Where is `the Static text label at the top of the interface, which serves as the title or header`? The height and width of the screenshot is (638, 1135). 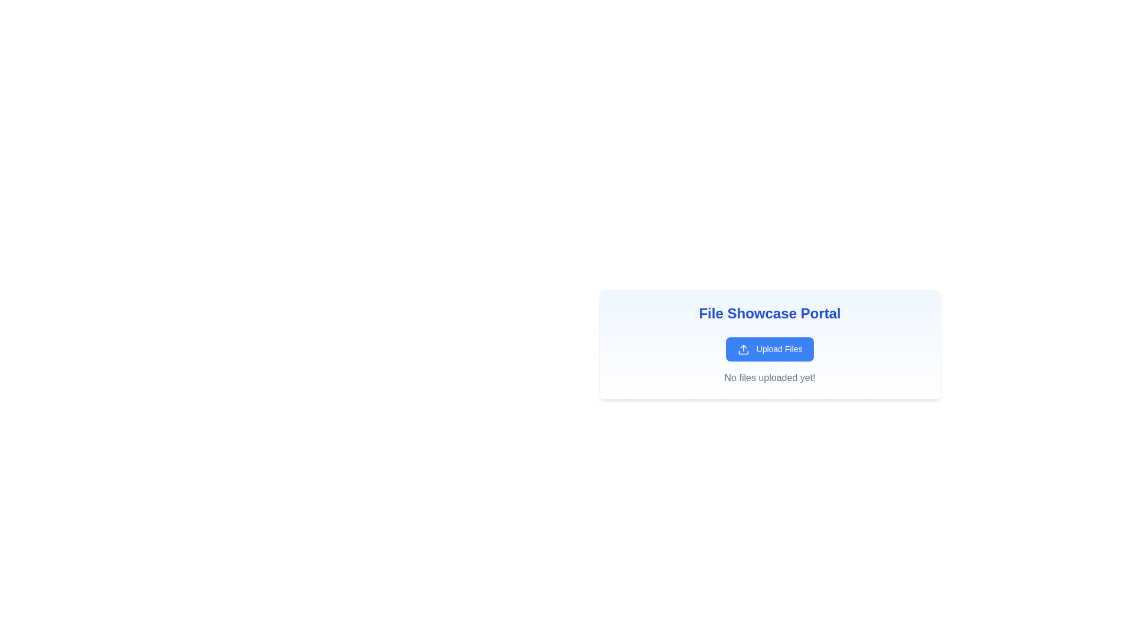 the Static text label at the top of the interface, which serves as the title or header is located at coordinates (770, 313).